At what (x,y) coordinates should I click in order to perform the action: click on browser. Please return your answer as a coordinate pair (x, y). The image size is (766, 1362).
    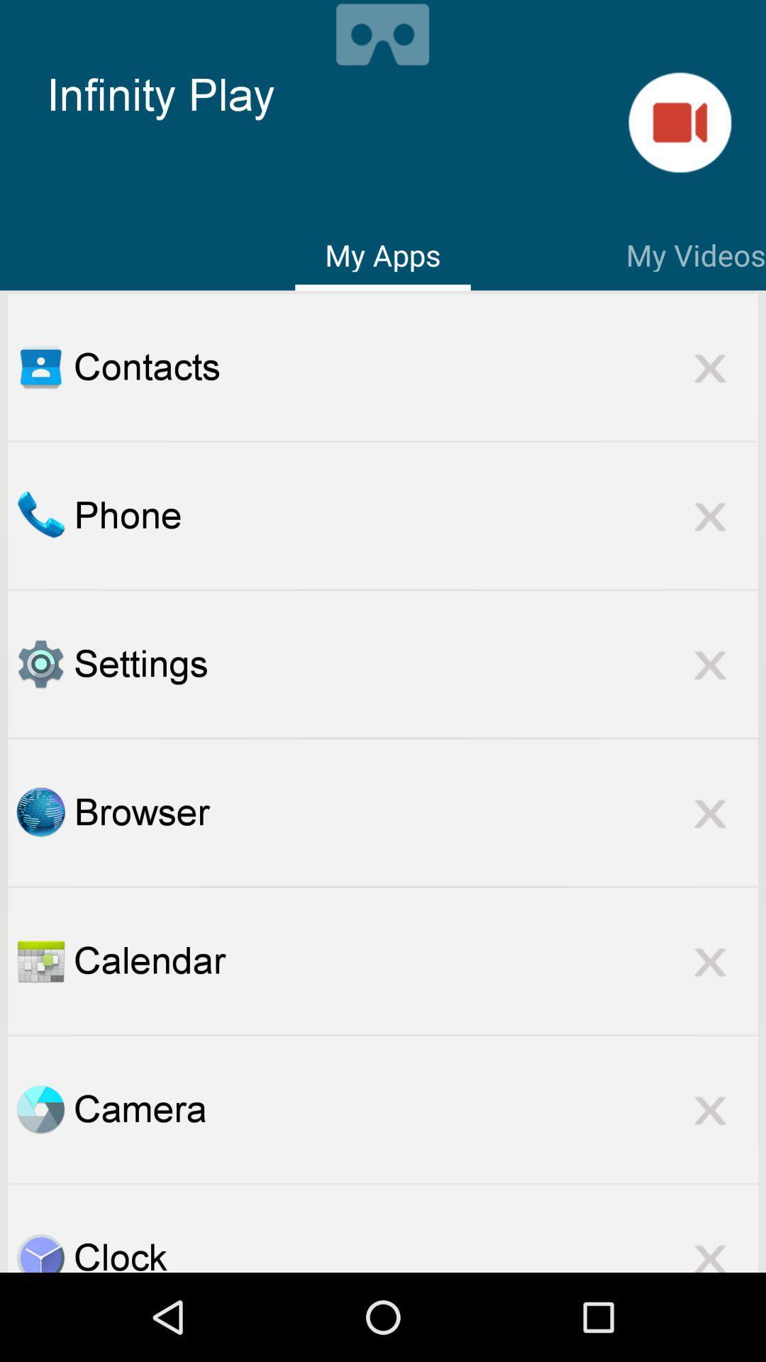
    Looking at the image, I should click on (415, 812).